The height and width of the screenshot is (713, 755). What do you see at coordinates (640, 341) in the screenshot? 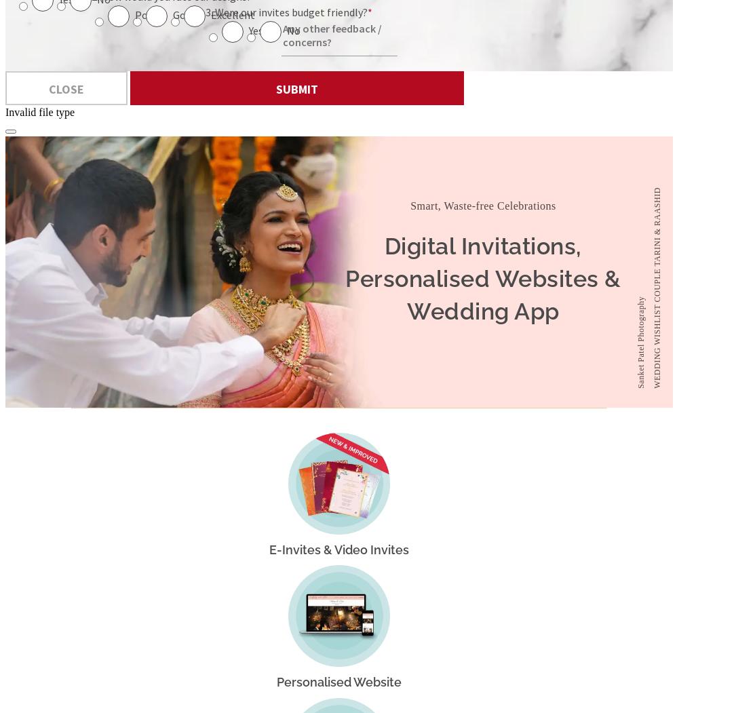
I see `'Sanket Patel Photography'` at bounding box center [640, 341].